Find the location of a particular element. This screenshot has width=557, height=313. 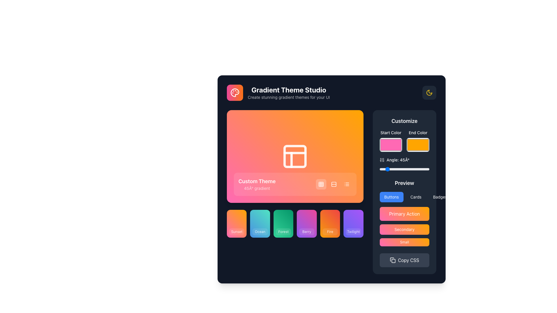

the current angle value displayed above the slider labeled 'Angle: 45°' in the Customize section of the interface is located at coordinates (404, 164).